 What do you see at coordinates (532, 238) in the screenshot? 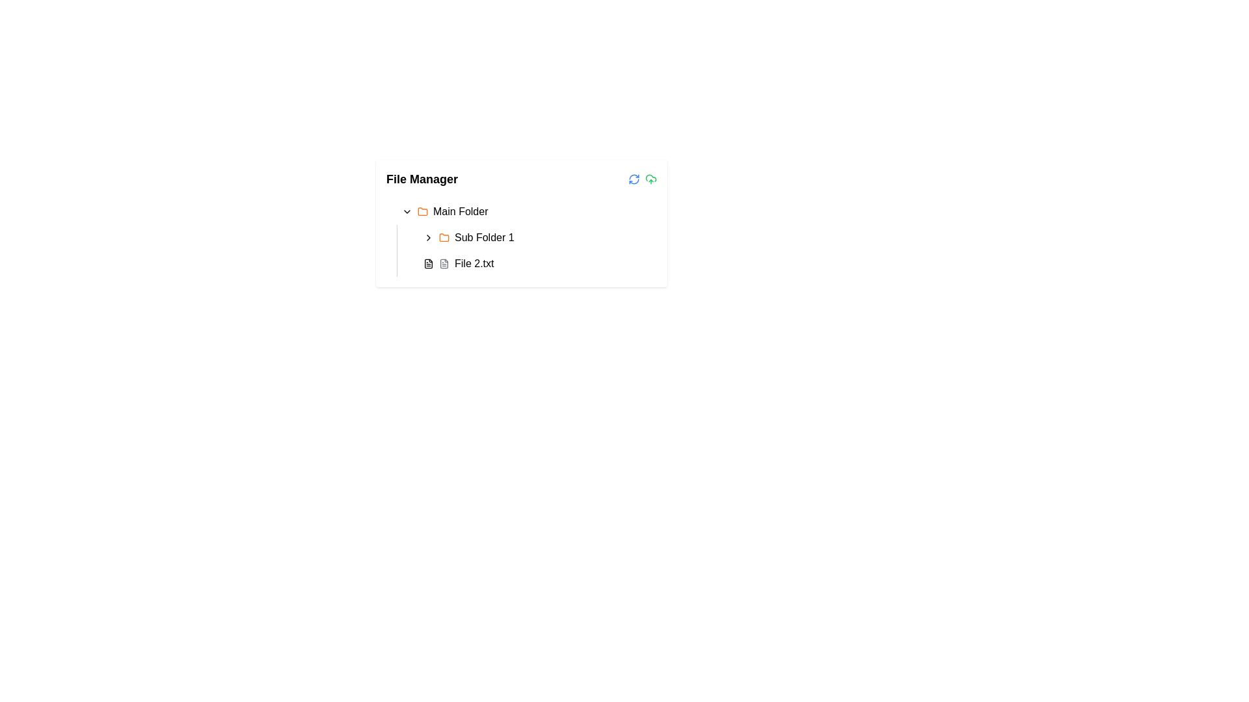
I see `the folder item labeled 'Sub Folder 1' in the file manager interface` at bounding box center [532, 238].